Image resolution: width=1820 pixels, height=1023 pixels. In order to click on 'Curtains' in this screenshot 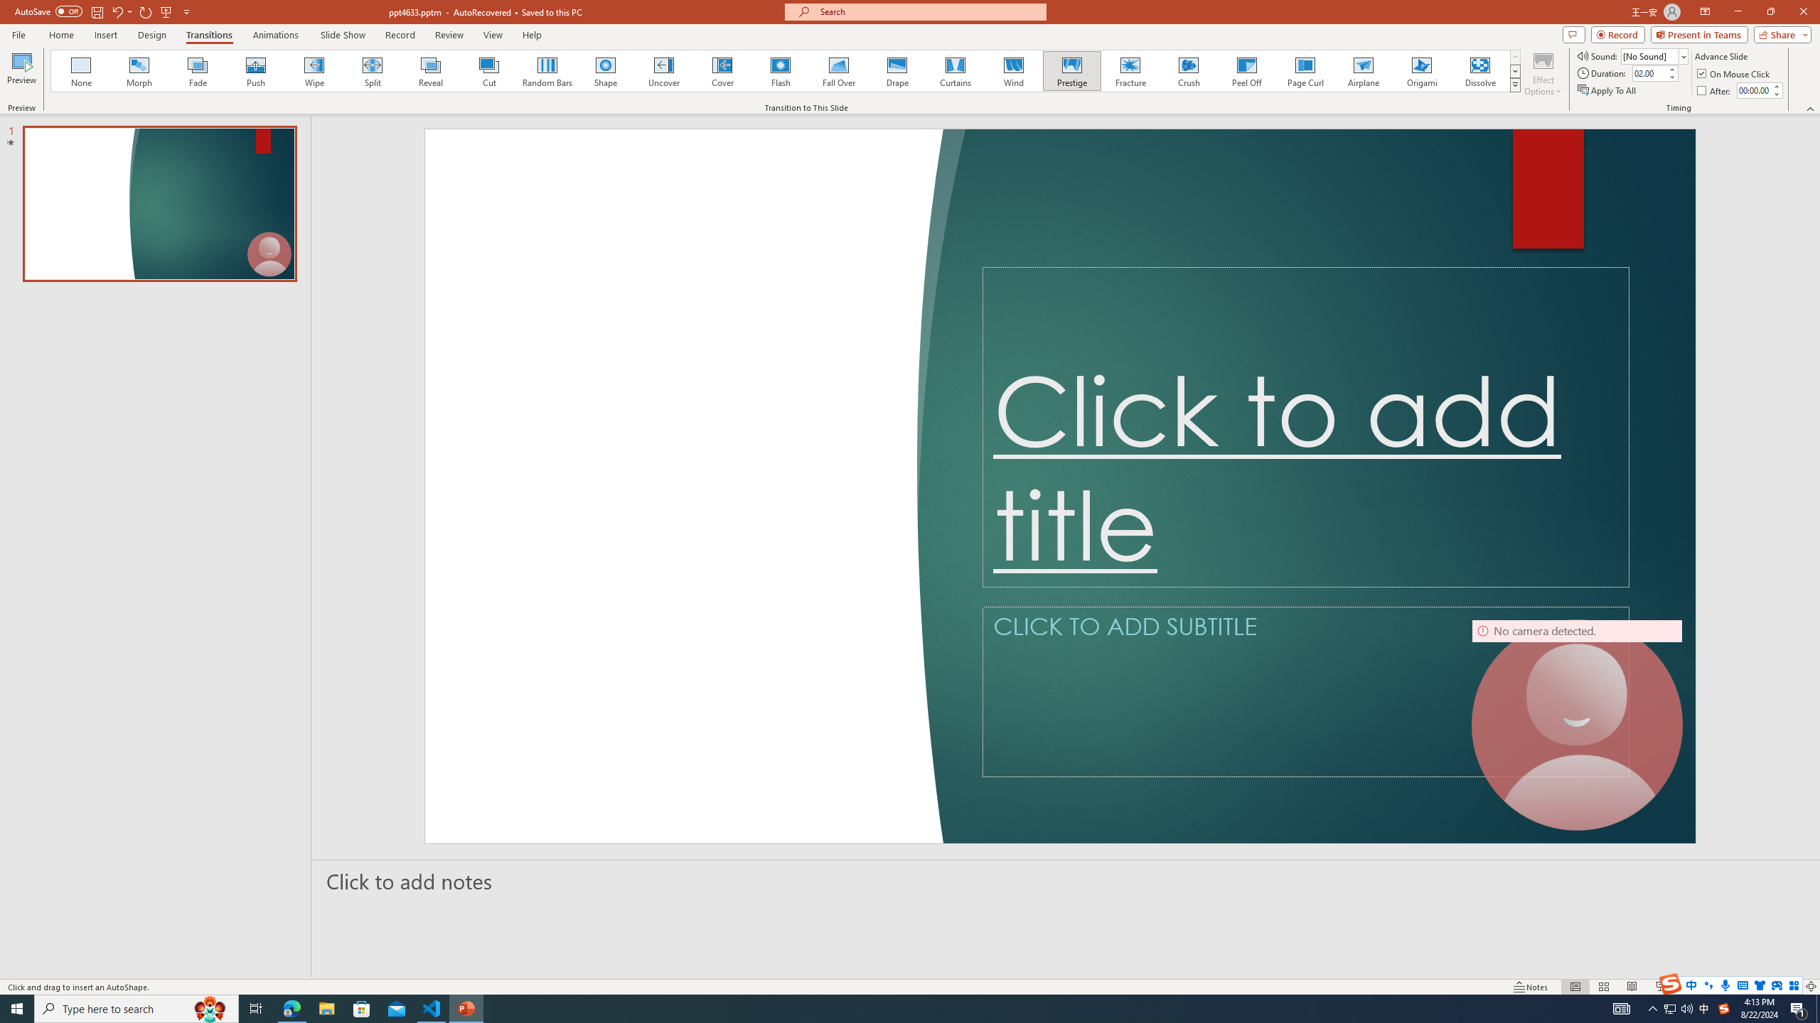, I will do `click(955, 70)`.